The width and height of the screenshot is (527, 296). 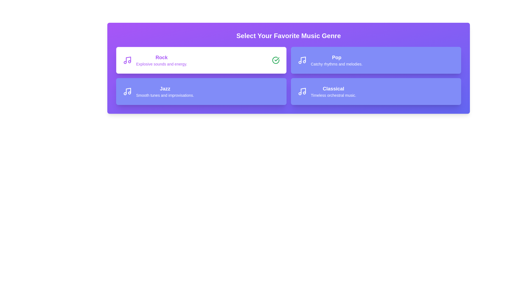 What do you see at coordinates (333, 95) in the screenshot?
I see `text segment displaying 'Timeless orchestral music.' located below the bold text 'Classical' in the lower right section of the grid layout` at bounding box center [333, 95].